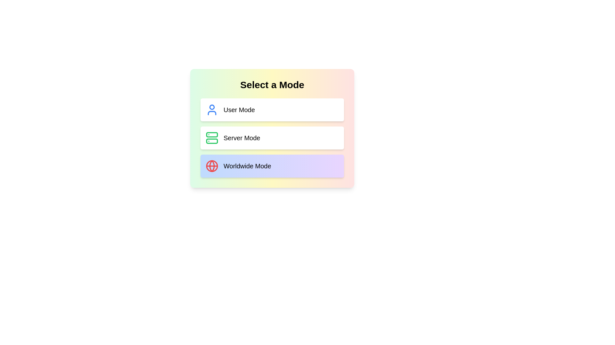 The height and width of the screenshot is (345, 615). What do you see at coordinates (272, 128) in the screenshot?
I see `the 'Server Mode' button, which is the second button in a group of three vertically stacked buttons under the title 'Select a Mode'` at bounding box center [272, 128].